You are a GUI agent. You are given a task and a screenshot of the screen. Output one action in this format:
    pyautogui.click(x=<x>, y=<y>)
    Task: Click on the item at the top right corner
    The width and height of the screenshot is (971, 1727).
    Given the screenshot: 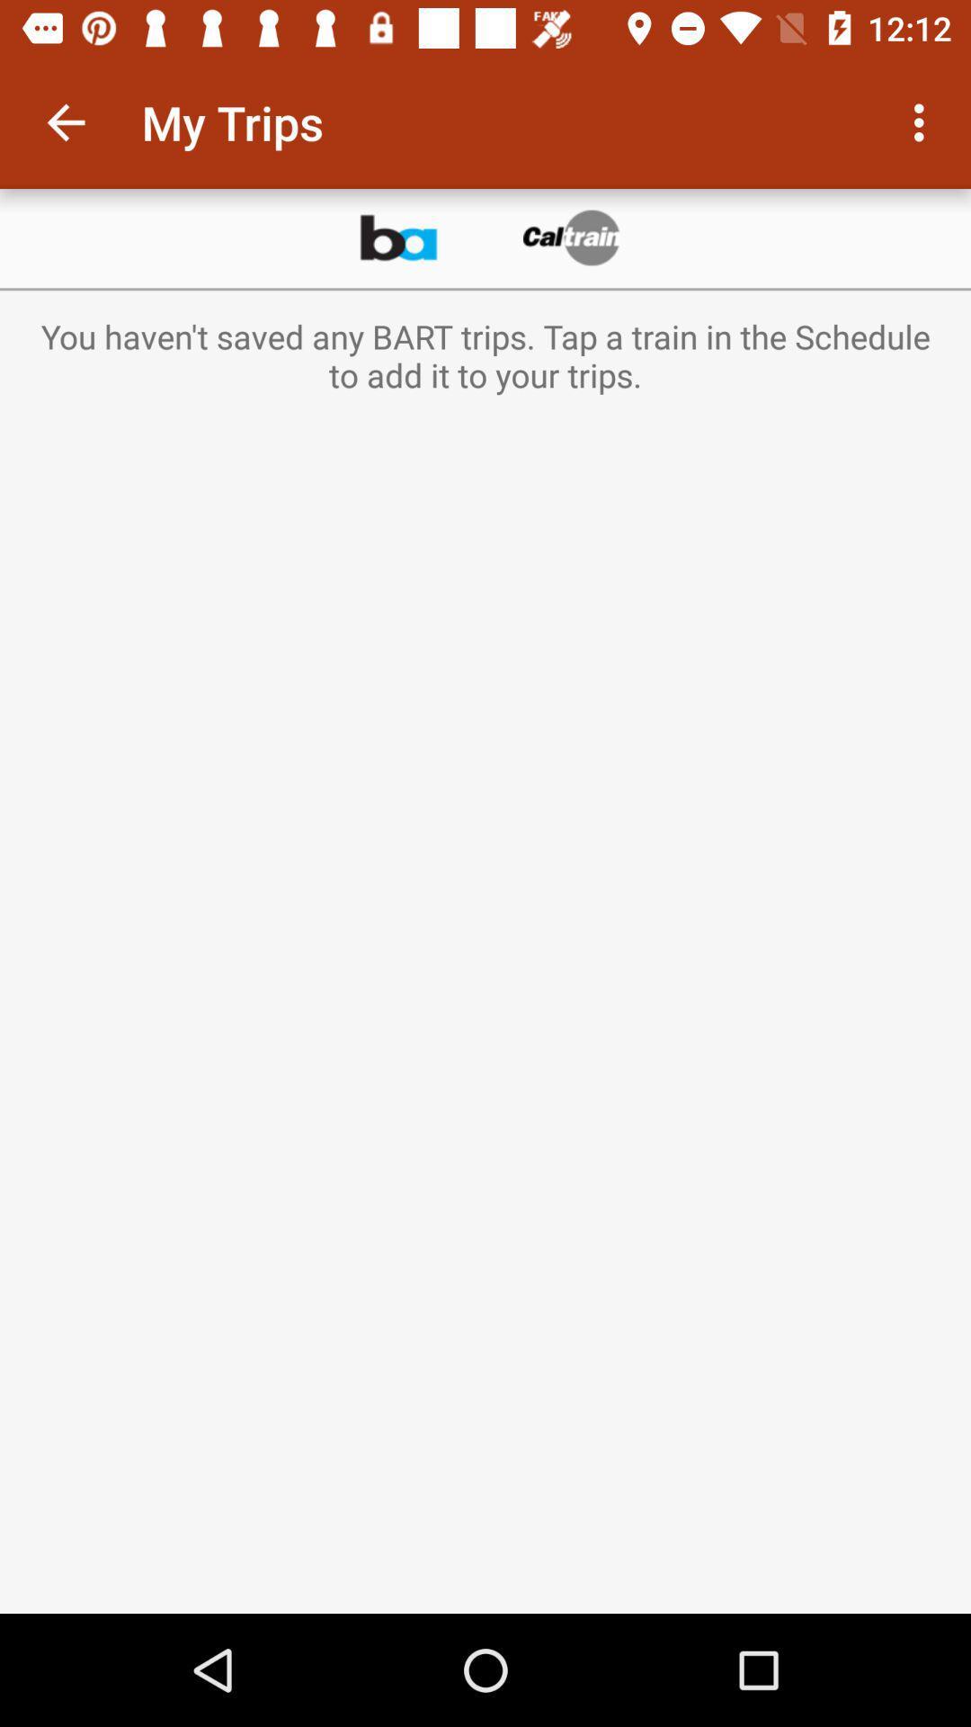 What is the action you would take?
    pyautogui.click(x=923, y=121)
    